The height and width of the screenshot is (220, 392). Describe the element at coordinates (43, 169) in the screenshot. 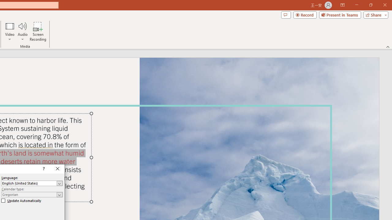

I see `'Context help'` at that location.